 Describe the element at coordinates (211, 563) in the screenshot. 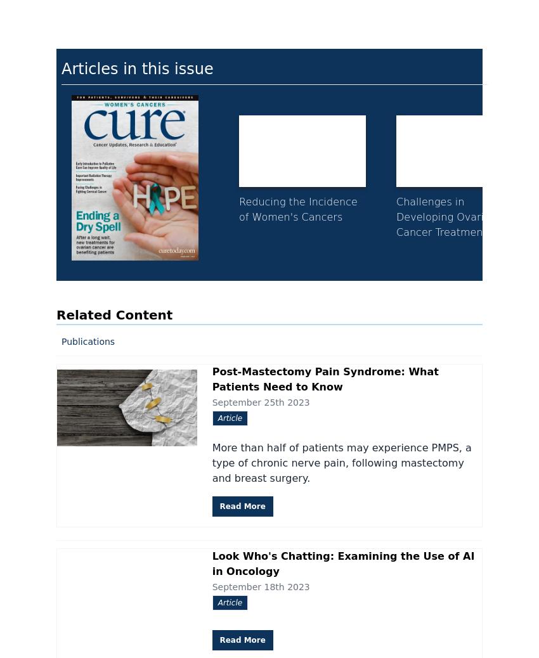

I see `'Look Who's Chatting: Examining the Use of AI in Oncology'` at that location.